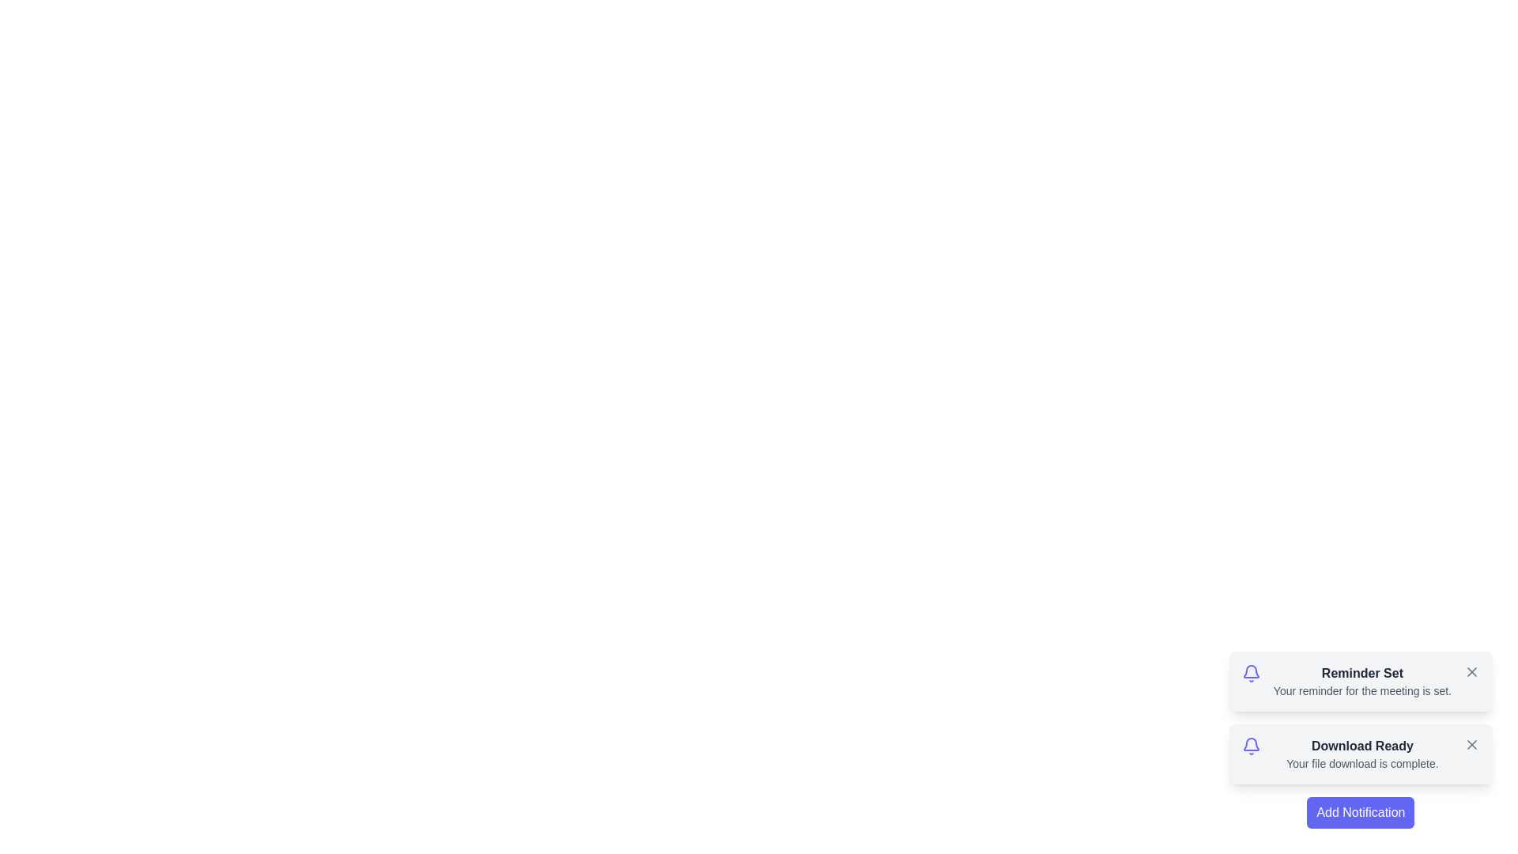  Describe the element at coordinates (1250, 746) in the screenshot. I see `the download completed icon in the notification card titled 'Download Ready', which is the leftmost element of the card and indicates that a file download is complete` at that location.